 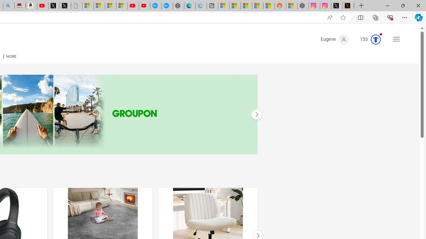 What do you see at coordinates (360, 17) in the screenshot?
I see `'Split screen'` at bounding box center [360, 17].